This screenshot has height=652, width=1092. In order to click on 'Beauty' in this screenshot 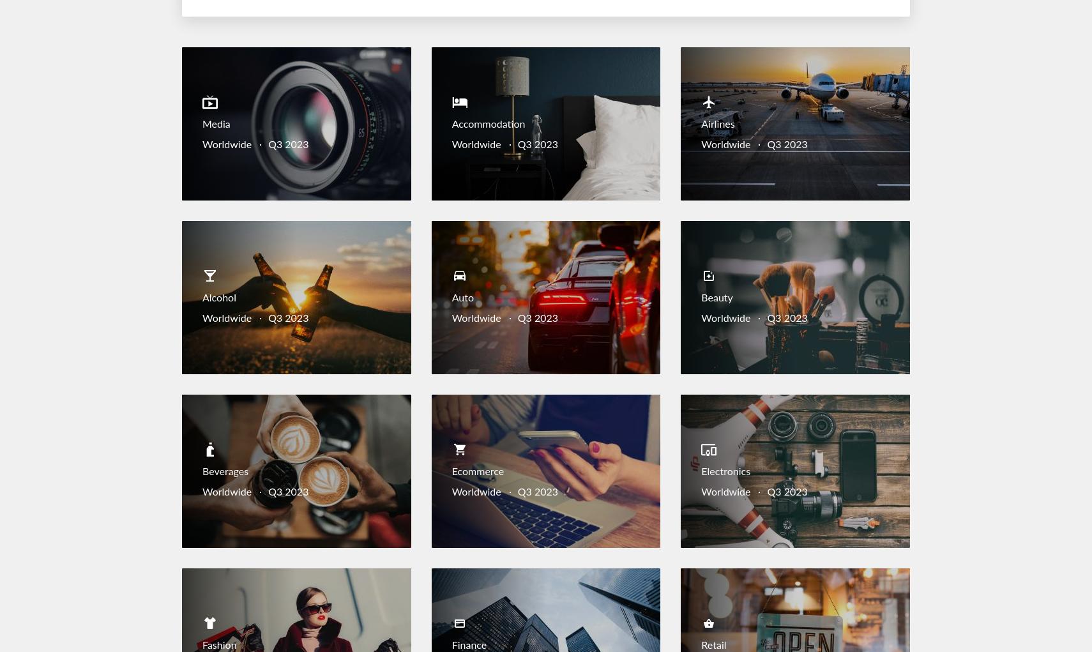, I will do `click(716, 298)`.